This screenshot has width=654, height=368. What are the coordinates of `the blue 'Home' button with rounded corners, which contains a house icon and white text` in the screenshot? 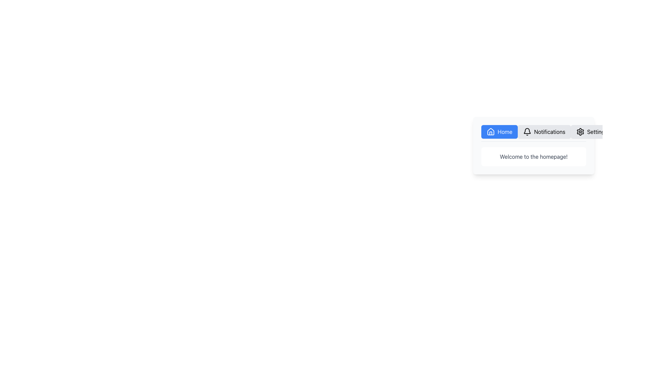 It's located at (499, 132).